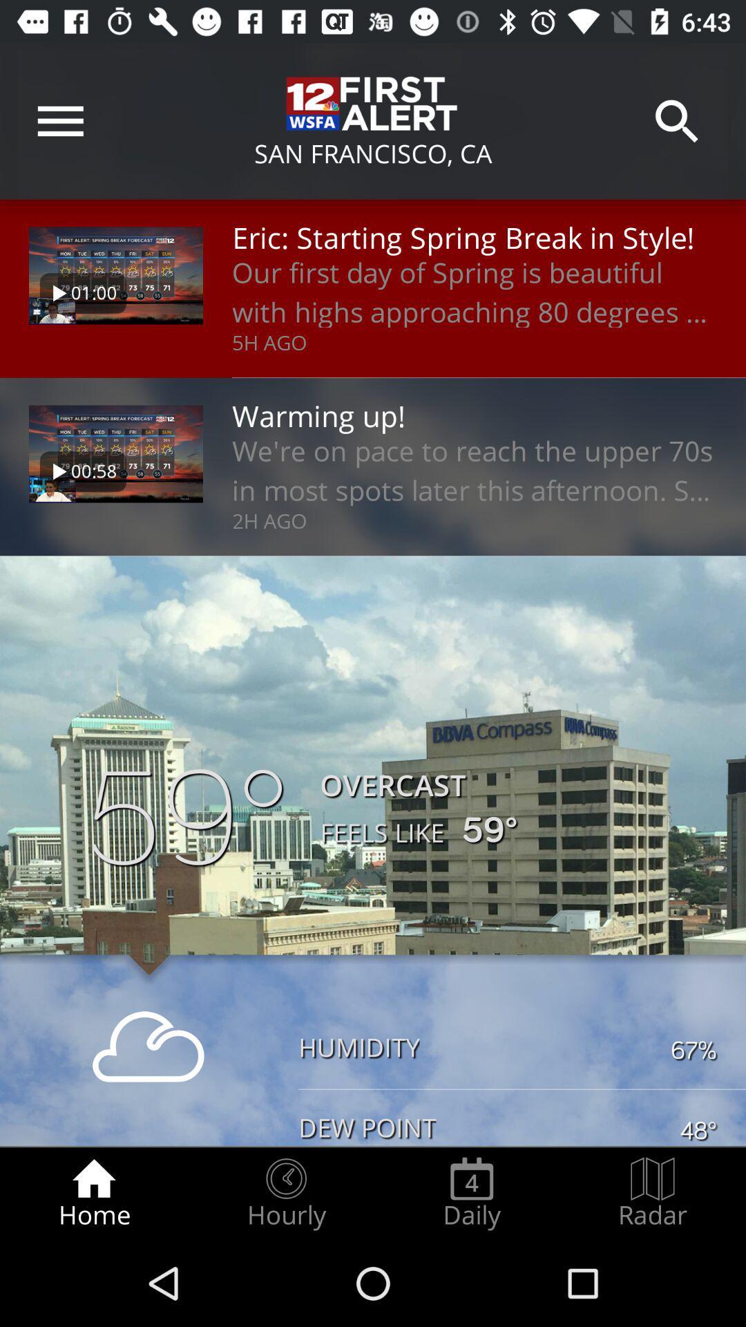  Describe the element at coordinates (471, 1193) in the screenshot. I see `the radio button to the left of the radar radio button` at that location.